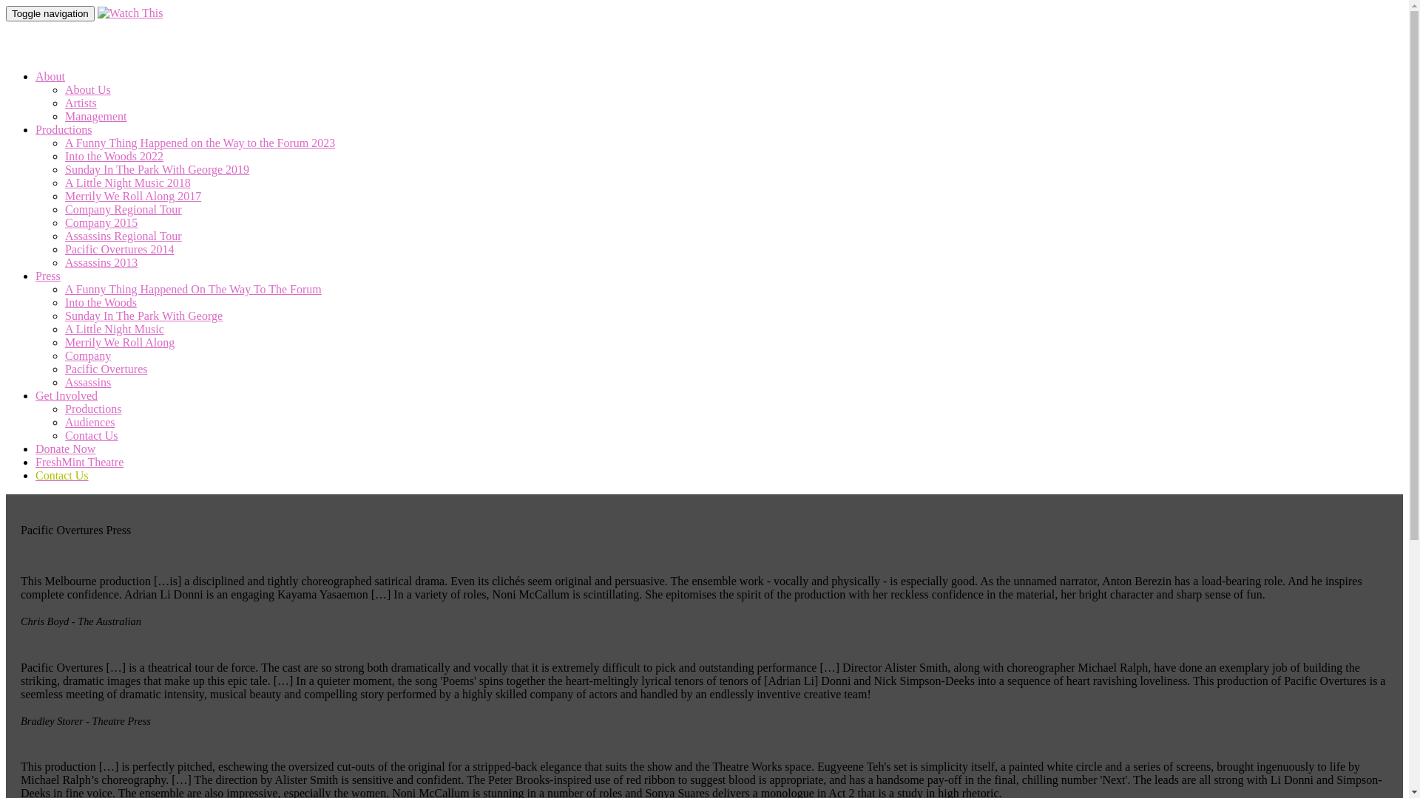 The image size is (1420, 798). What do you see at coordinates (50, 76) in the screenshot?
I see `'About'` at bounding box center [50, 76].